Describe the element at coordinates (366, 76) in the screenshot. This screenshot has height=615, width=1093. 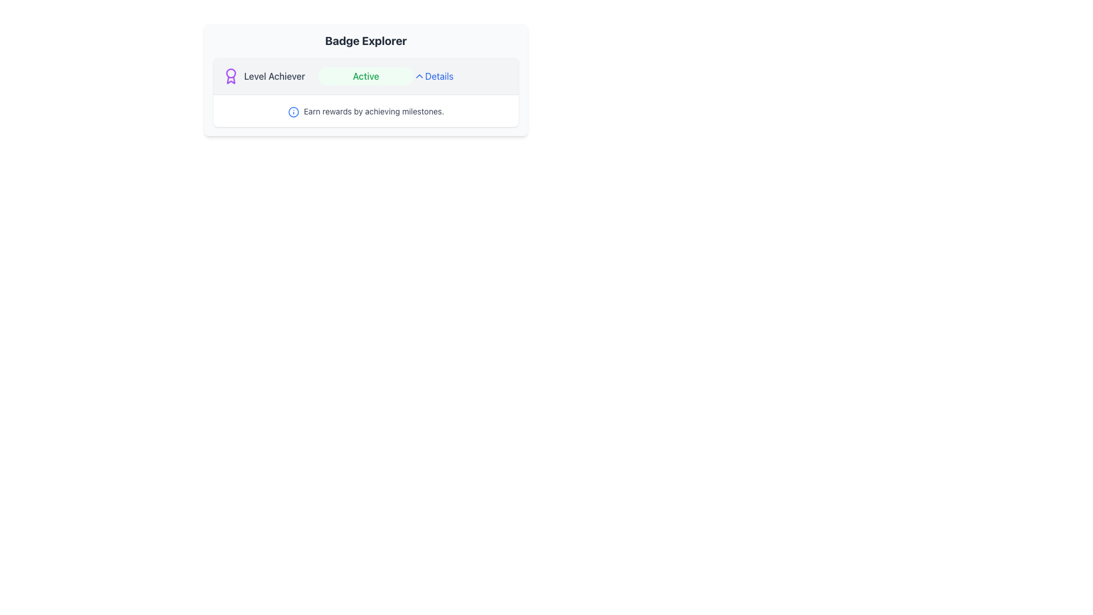
I see `the Informational Section displaying the user's status, which includes 'Level Achiever' and 'Active'` at that location.